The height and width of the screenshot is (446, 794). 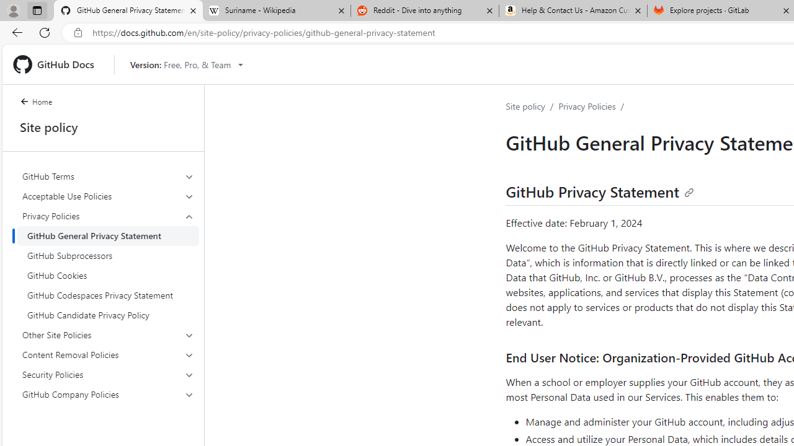 What do you see at coordinates (586, 105) in the screenshot?
I see `'Privacy Policies'` at bounding box center [586, 105].